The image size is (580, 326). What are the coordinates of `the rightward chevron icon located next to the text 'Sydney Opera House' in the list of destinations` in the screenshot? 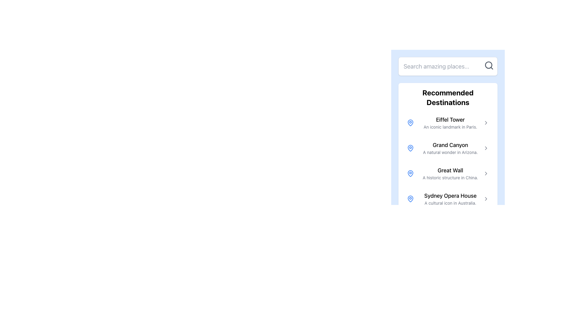 It's located at (486, 199).